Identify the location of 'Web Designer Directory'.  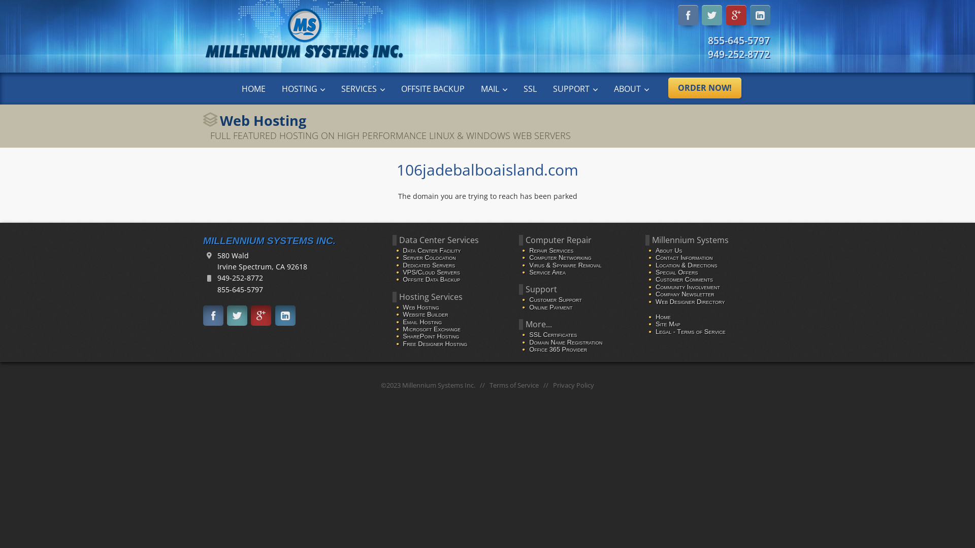
(656, 301).